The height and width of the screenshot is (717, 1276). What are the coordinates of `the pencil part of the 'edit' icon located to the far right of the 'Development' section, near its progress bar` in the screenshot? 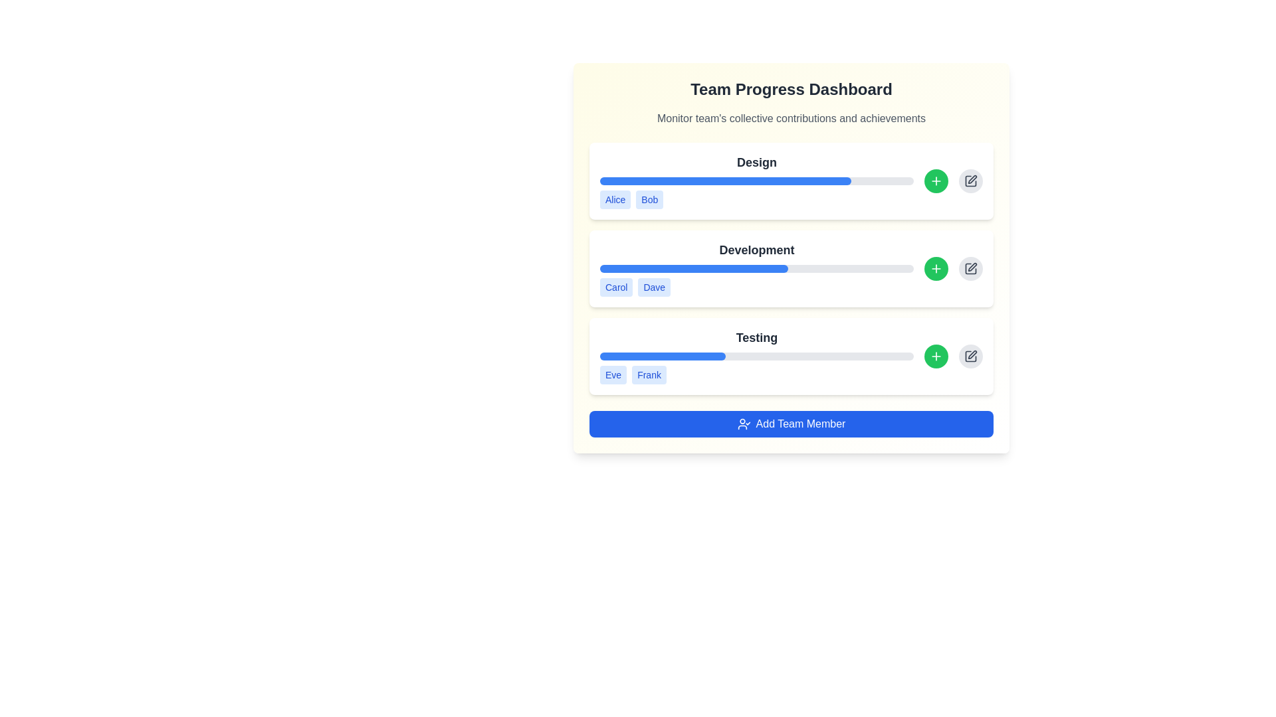 It's located at (972, 267).